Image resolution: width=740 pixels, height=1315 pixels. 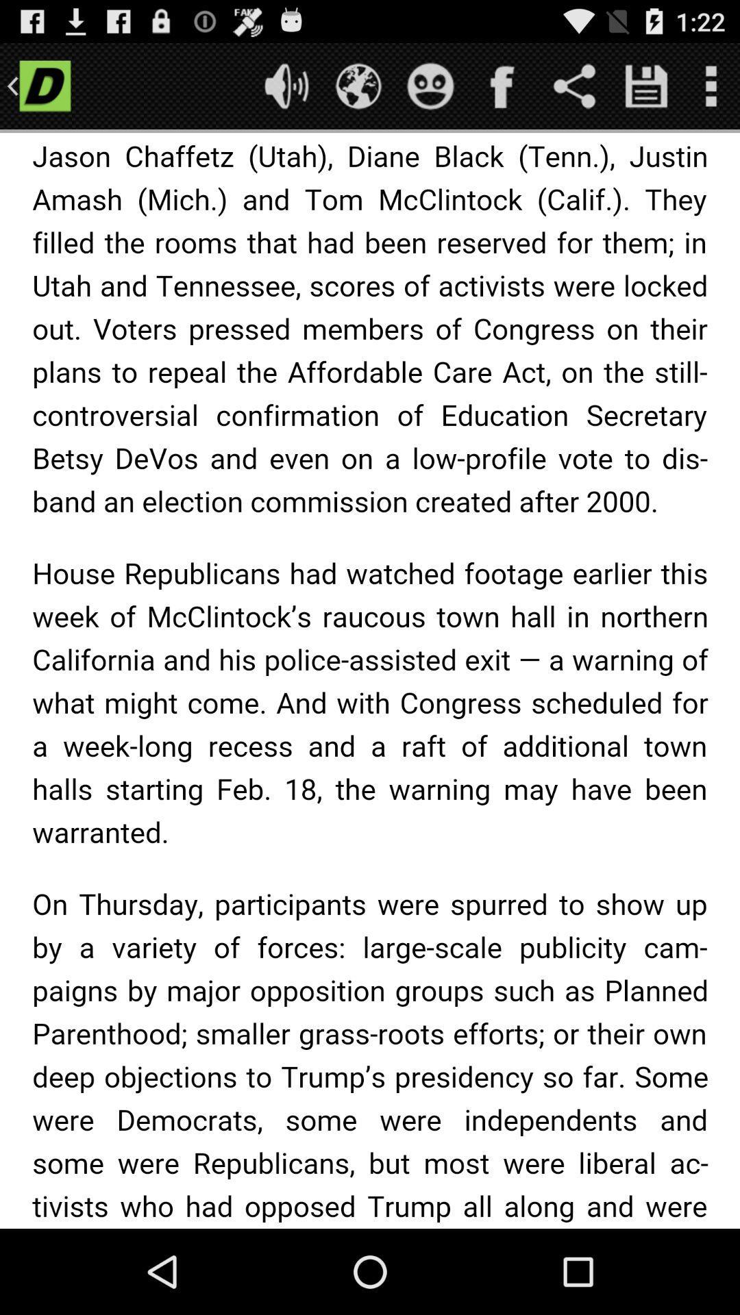 I want to click on the globe icon, so click(x=358, y=91).